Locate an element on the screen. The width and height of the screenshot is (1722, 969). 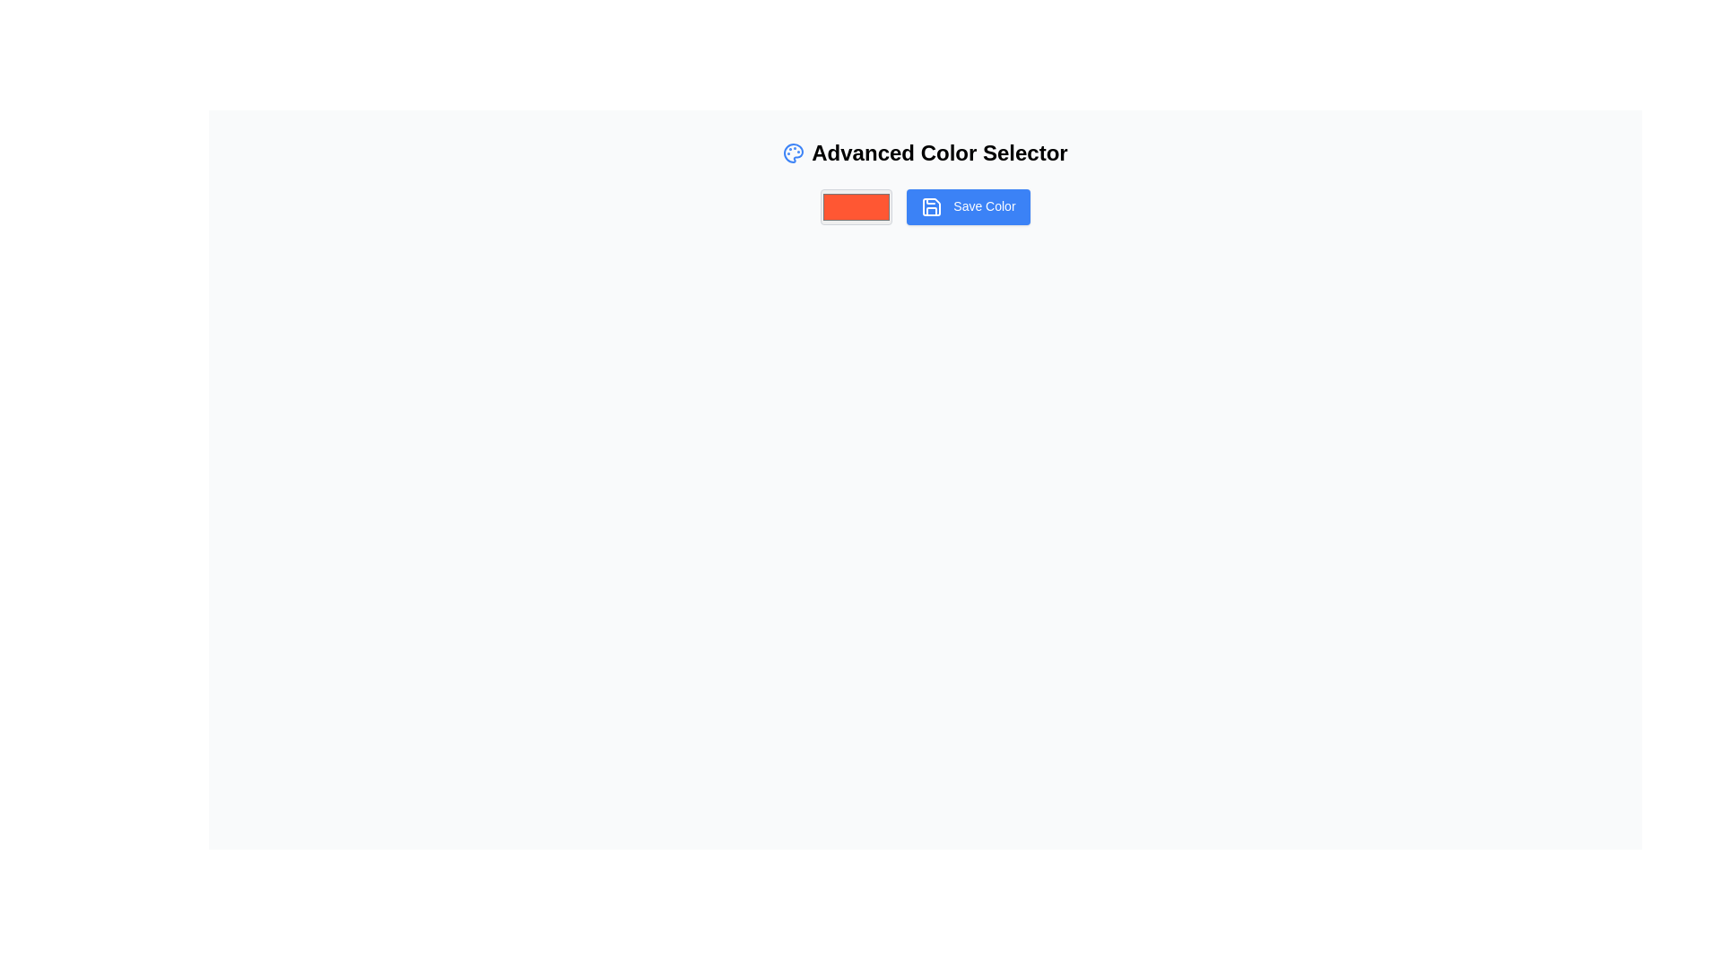
the 'Save Color' button icon, which is positioned to the left of the button's text and adjacent to an orange square is located at coordinates (932, 206).